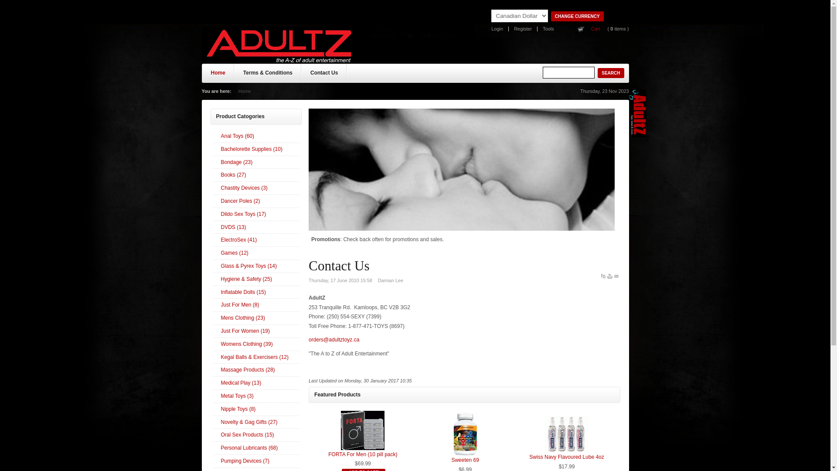 The image size is (837, 471). I want to click on 'Inflatable Dolls (15)', so click(255, 293).